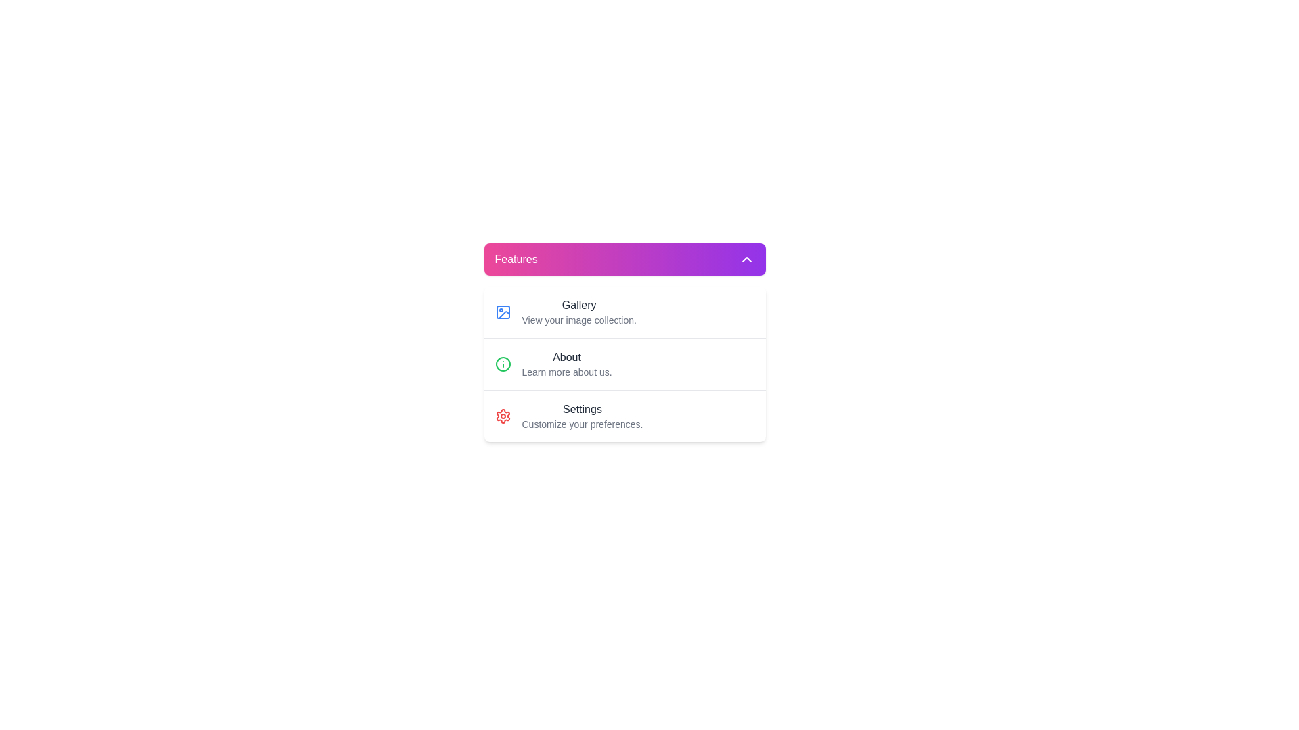 Image resolution: width=1299 pixels, height=730 pixels. I want to click on the upward-pointing chevron icon located on the far right side of the purple gradient header bar labeled 'Features' to trigger potential hover effects, so click(746, 260).